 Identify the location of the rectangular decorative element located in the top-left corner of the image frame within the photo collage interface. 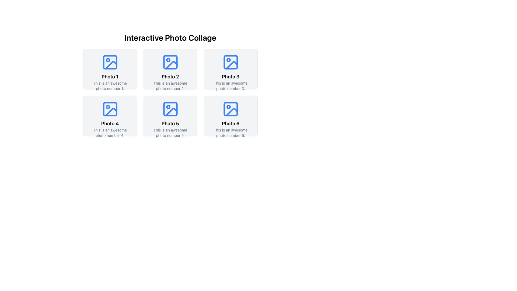
(110, 62).